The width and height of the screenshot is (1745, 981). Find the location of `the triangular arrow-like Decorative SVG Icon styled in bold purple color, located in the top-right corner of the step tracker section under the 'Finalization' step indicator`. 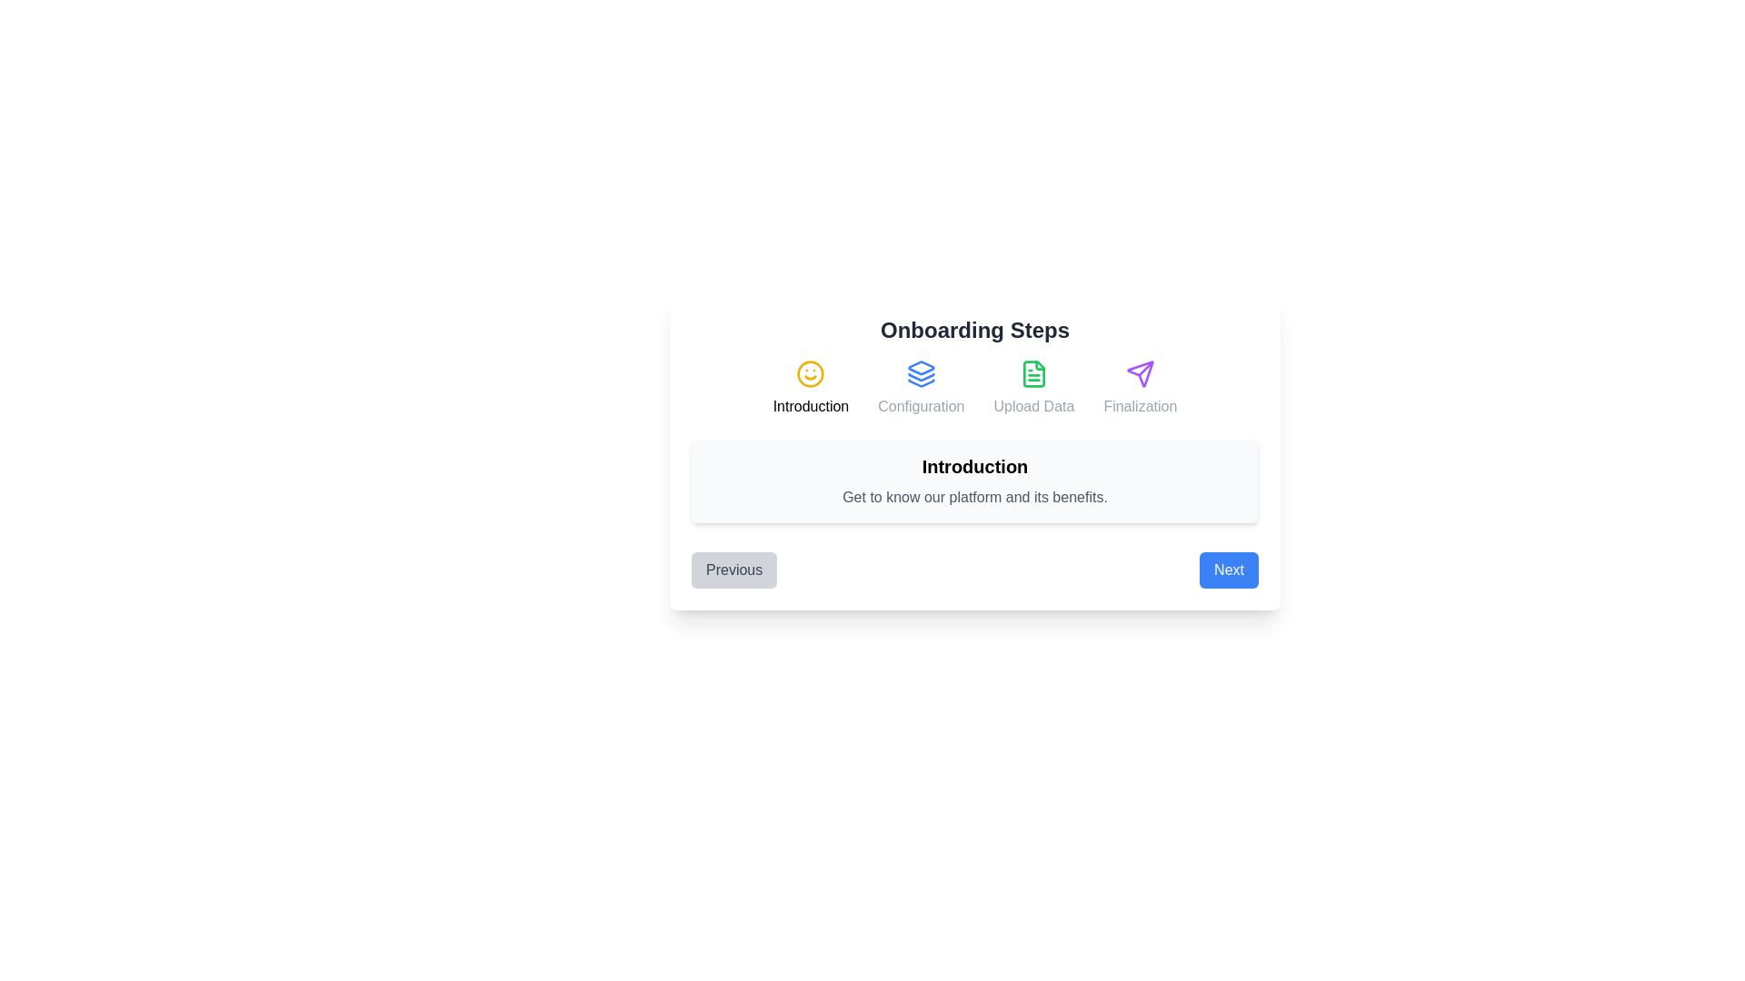

the triangular arrow-like Decorative SVG Icon styled in bold purple color, located in the top-right corner of the step tracker section under the 'Finalization' step indicator is located at coordinates (1139, 373).